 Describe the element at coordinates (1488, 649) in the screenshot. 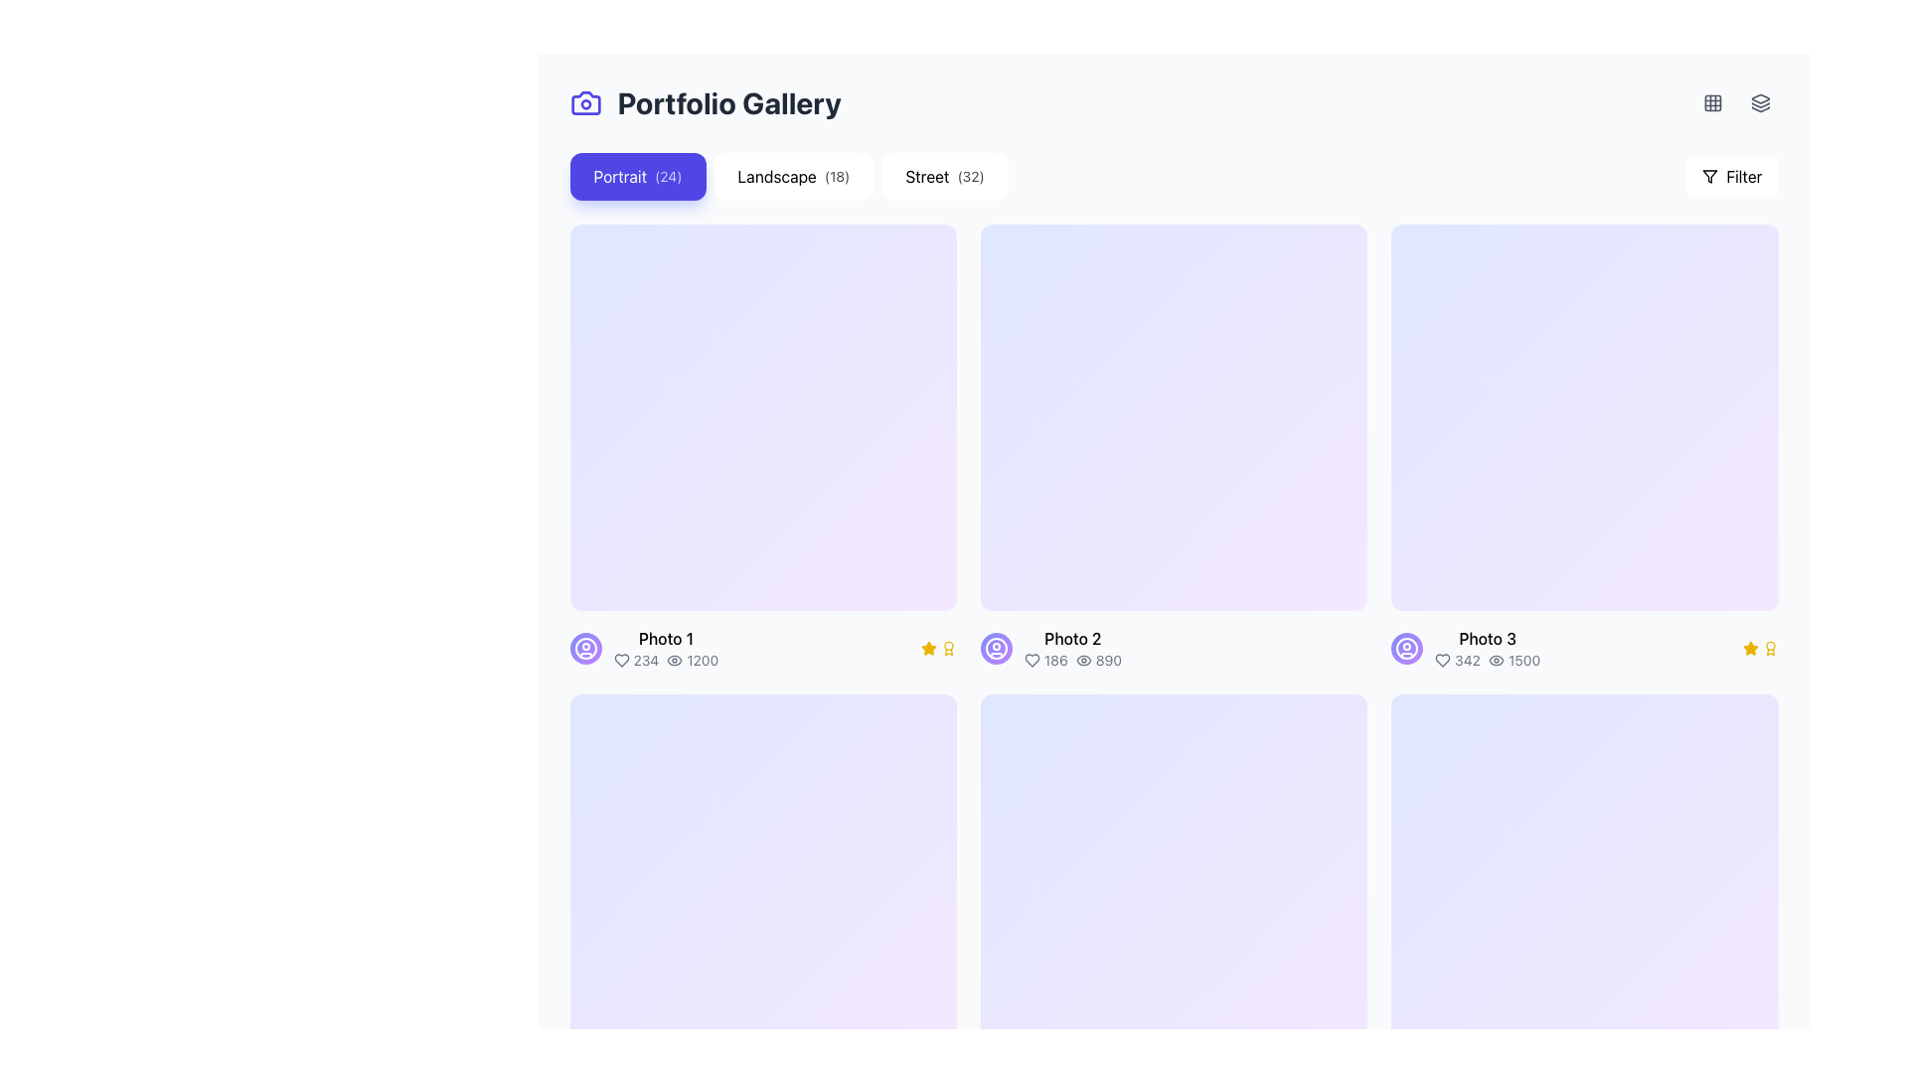

I see `the 'Photo 3' text label located in the bottom-right section of the grid layout` at that location.